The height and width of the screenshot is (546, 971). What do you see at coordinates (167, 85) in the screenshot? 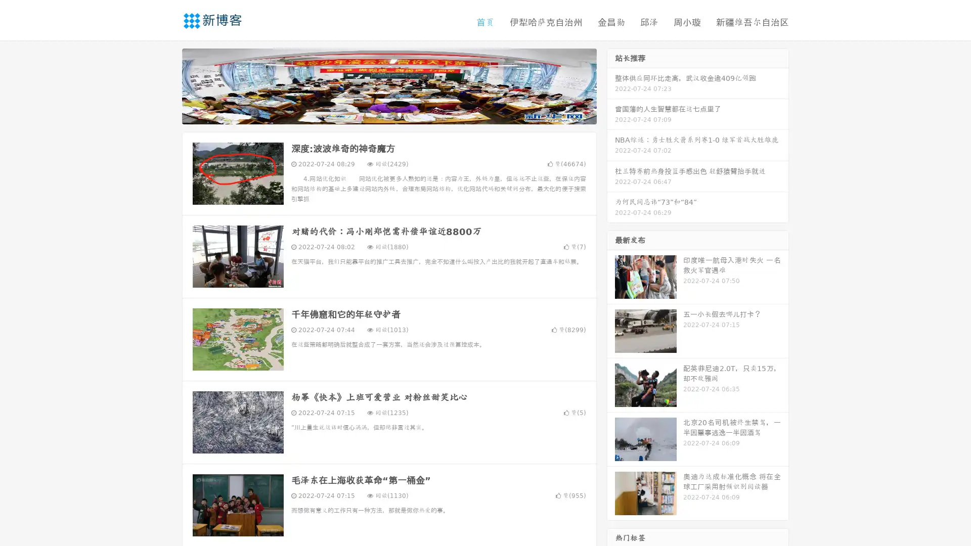
I see `Previous slide` at bounding box center [167, 85].